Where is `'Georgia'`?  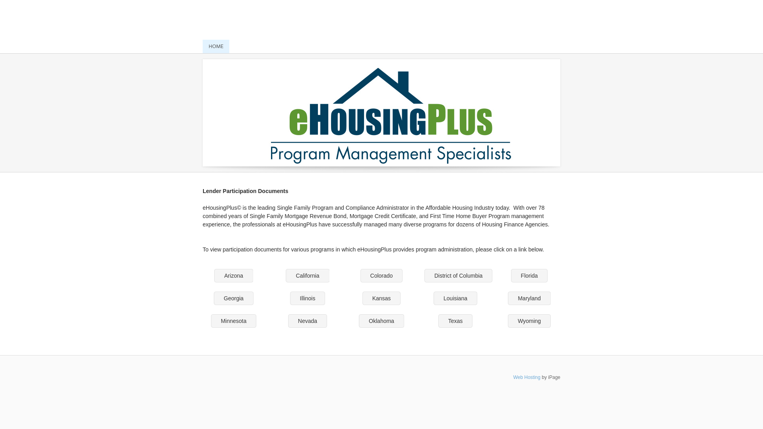
'Georgia' is located at coordinates (233, 298).